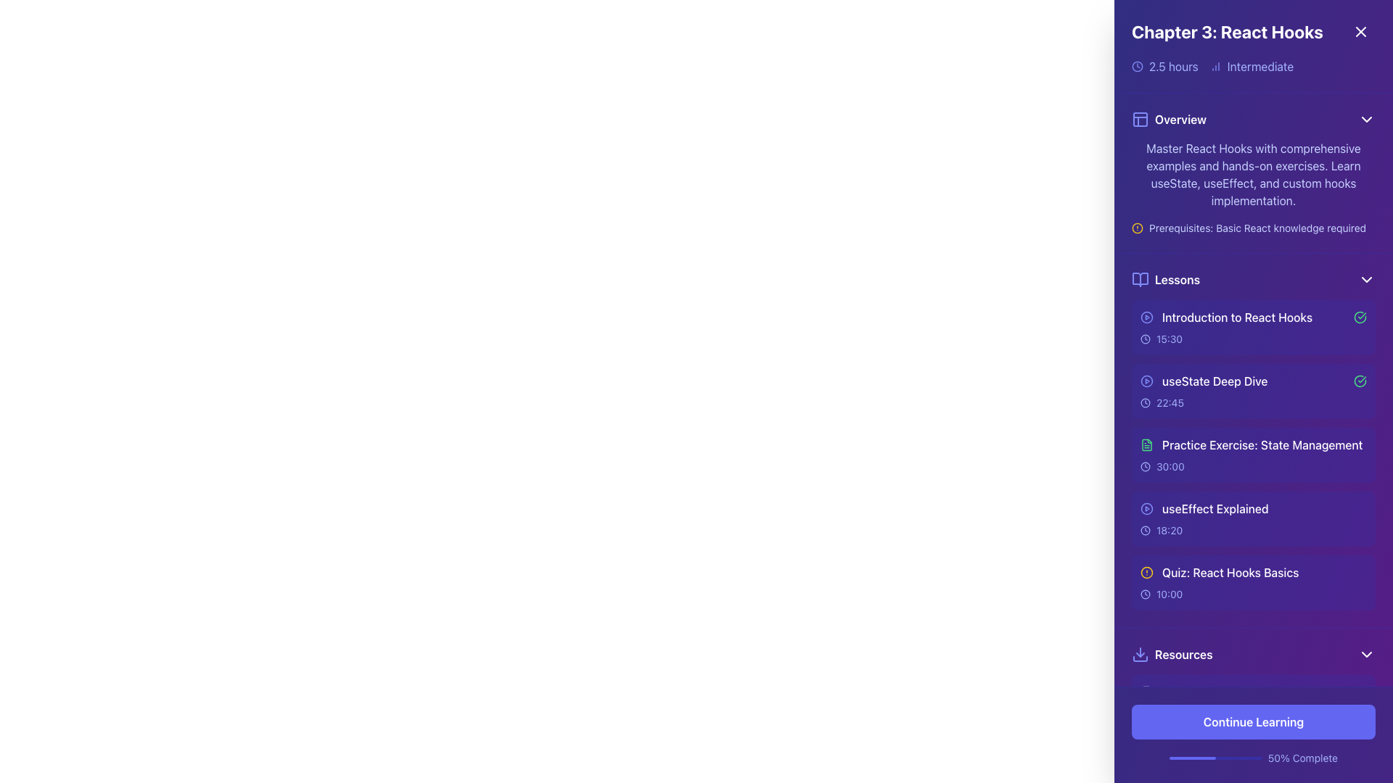 The image size is (1393, 783). What do you see at coordinates (1146, 444) in the screenshot?
I see `the green file-like icon with a folded corner at the top-right, associated with the 'Practice Exercise: State Management' item in the 'Lessons' section` at bounding box center [1146, 444].